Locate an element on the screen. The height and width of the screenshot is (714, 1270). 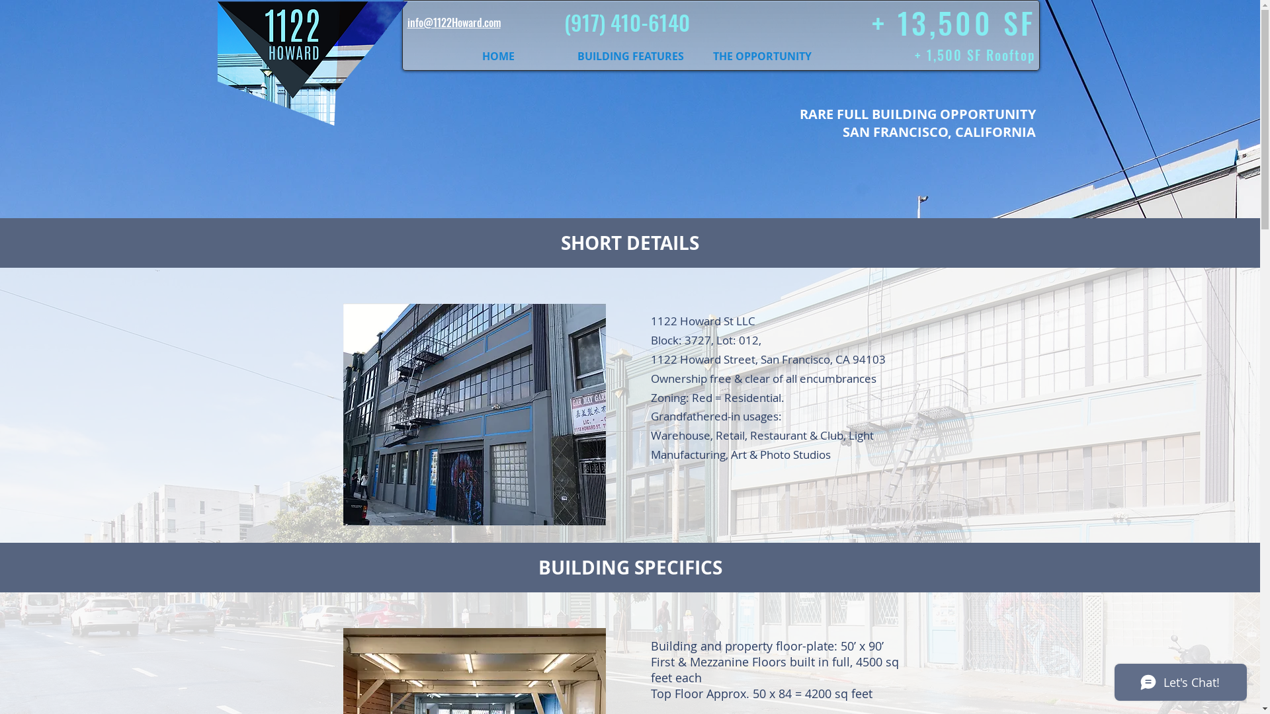
'HOME' is located at coordinates (497, 55).